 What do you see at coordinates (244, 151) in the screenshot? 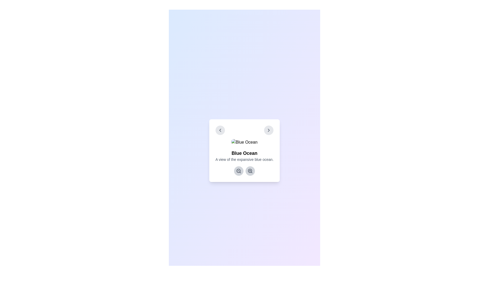
I see `the interactive text inside the descriptive content box titled 'Blue Ocean', which contains a header in bold and a description in smaller font` at bounding box center [244, 151].